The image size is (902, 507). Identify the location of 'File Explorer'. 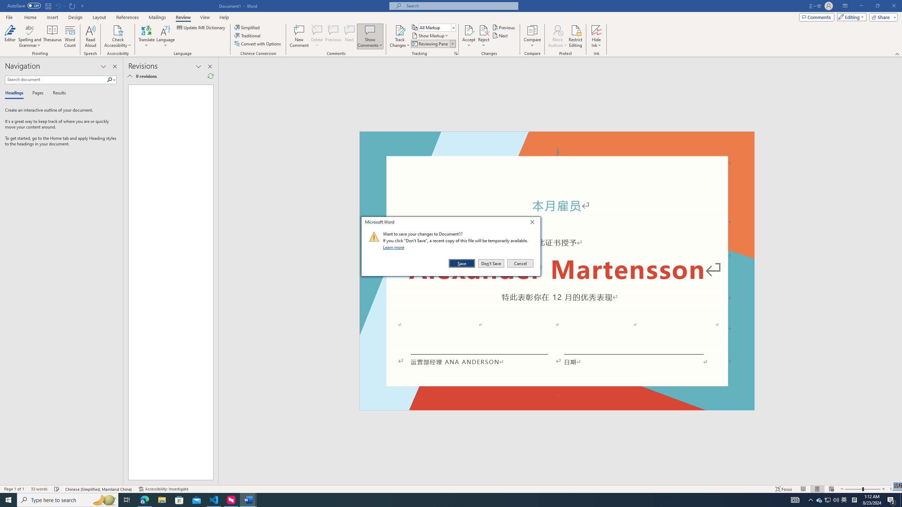
(161, 499).